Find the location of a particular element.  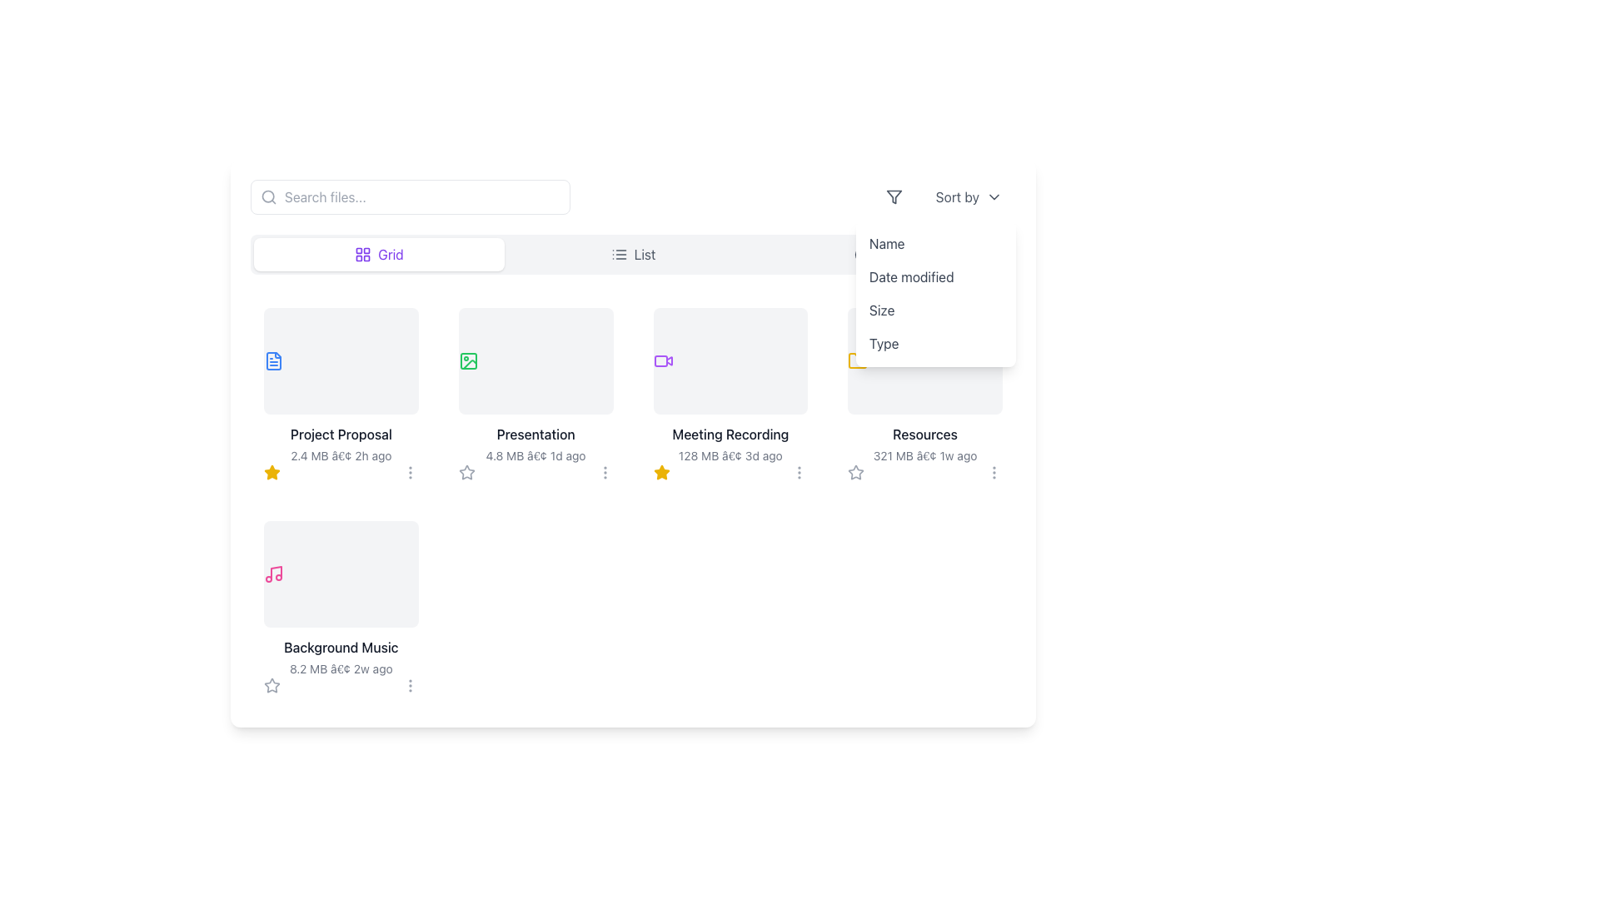

the static text label that displays the file size (128 MB) and last modified time (3 days ago) located at the bottom of the 'Meeting Recording' card, below the title text is located at coordinates (730, 455).